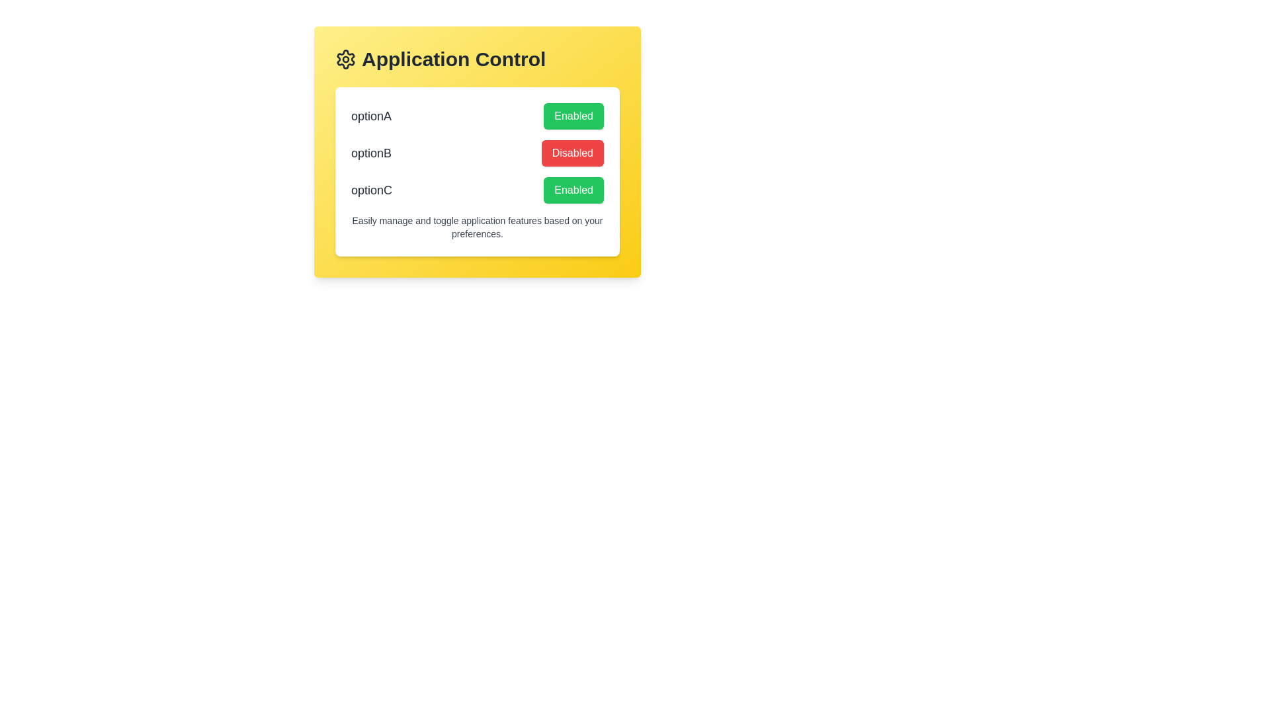 The width and height of the screenshot is (1270, 714). I want to click on the text label displaying 'optionB', which is styled with a larger font size and dark gray color, located to the left of the red button labeled 'Disabled', so click(370, 152).